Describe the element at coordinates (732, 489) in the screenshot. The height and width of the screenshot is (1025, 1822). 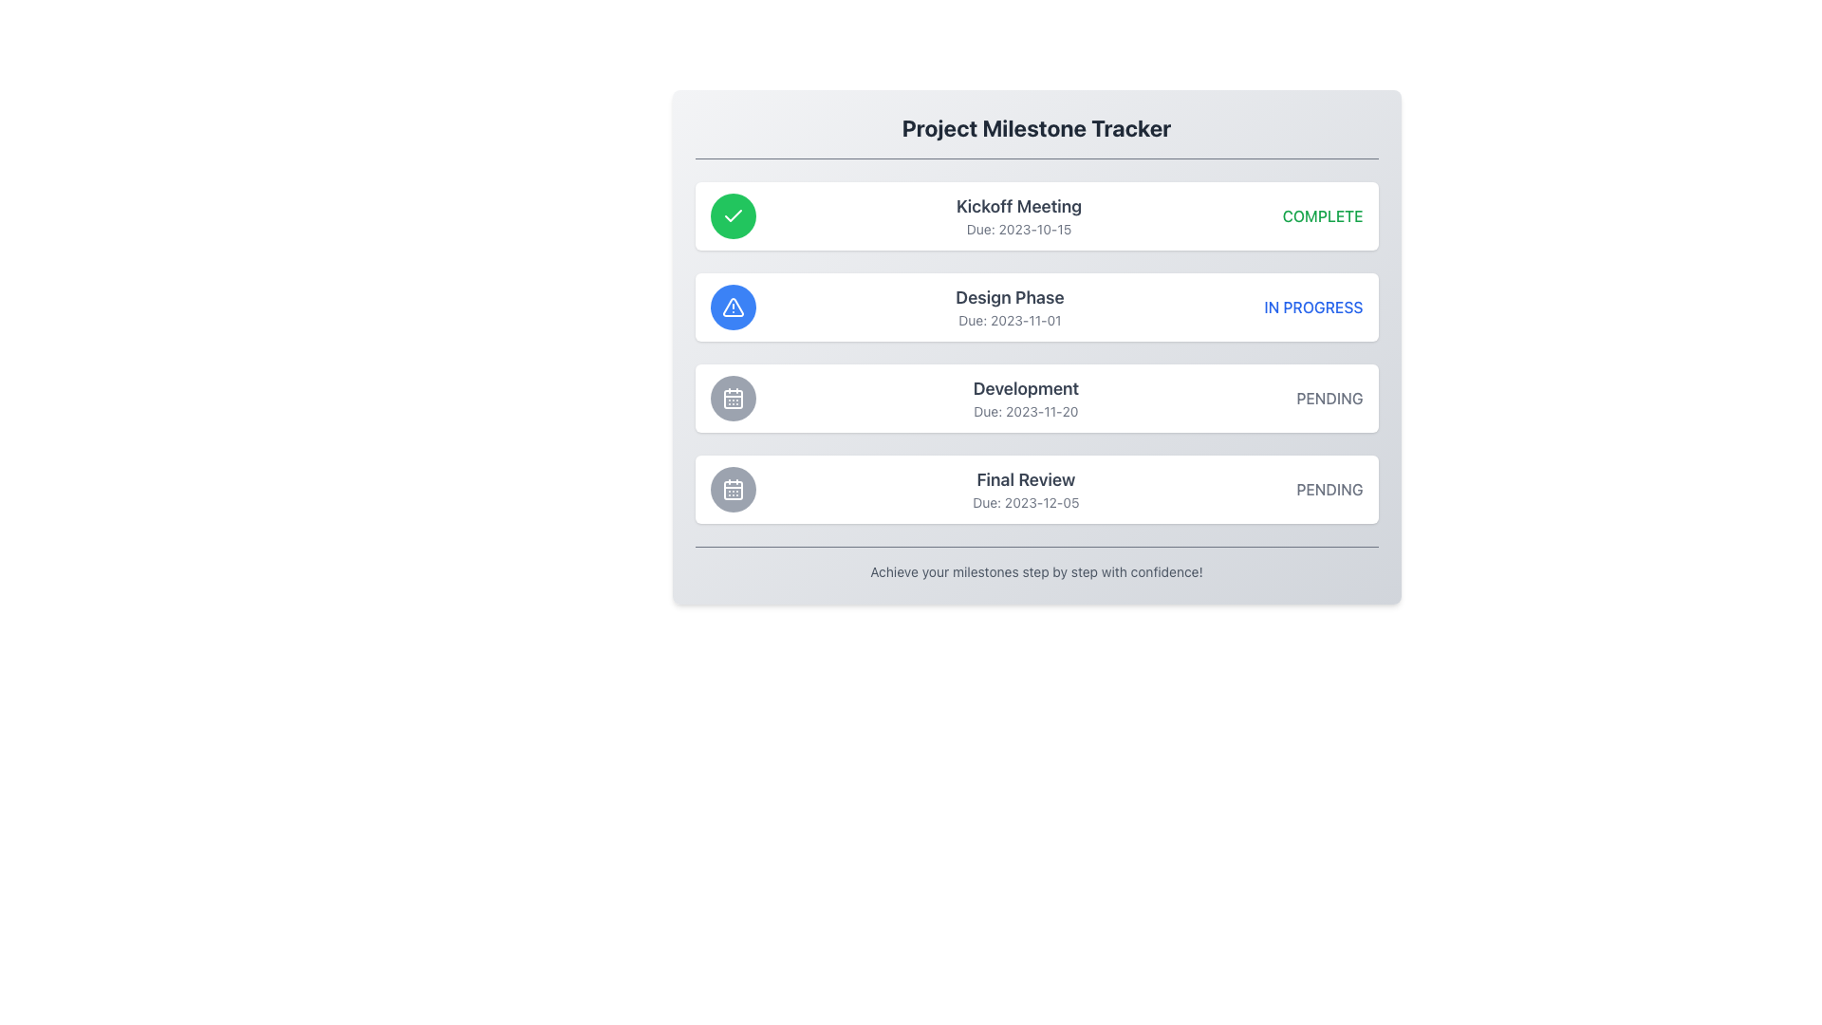
I see `the calendar icon, which is a minimalist gray icon with a square outline and rounded corners located in the third row of a vertical list, aligned with the text 'Development' and 'Due: 2023-11-20'` at that location.